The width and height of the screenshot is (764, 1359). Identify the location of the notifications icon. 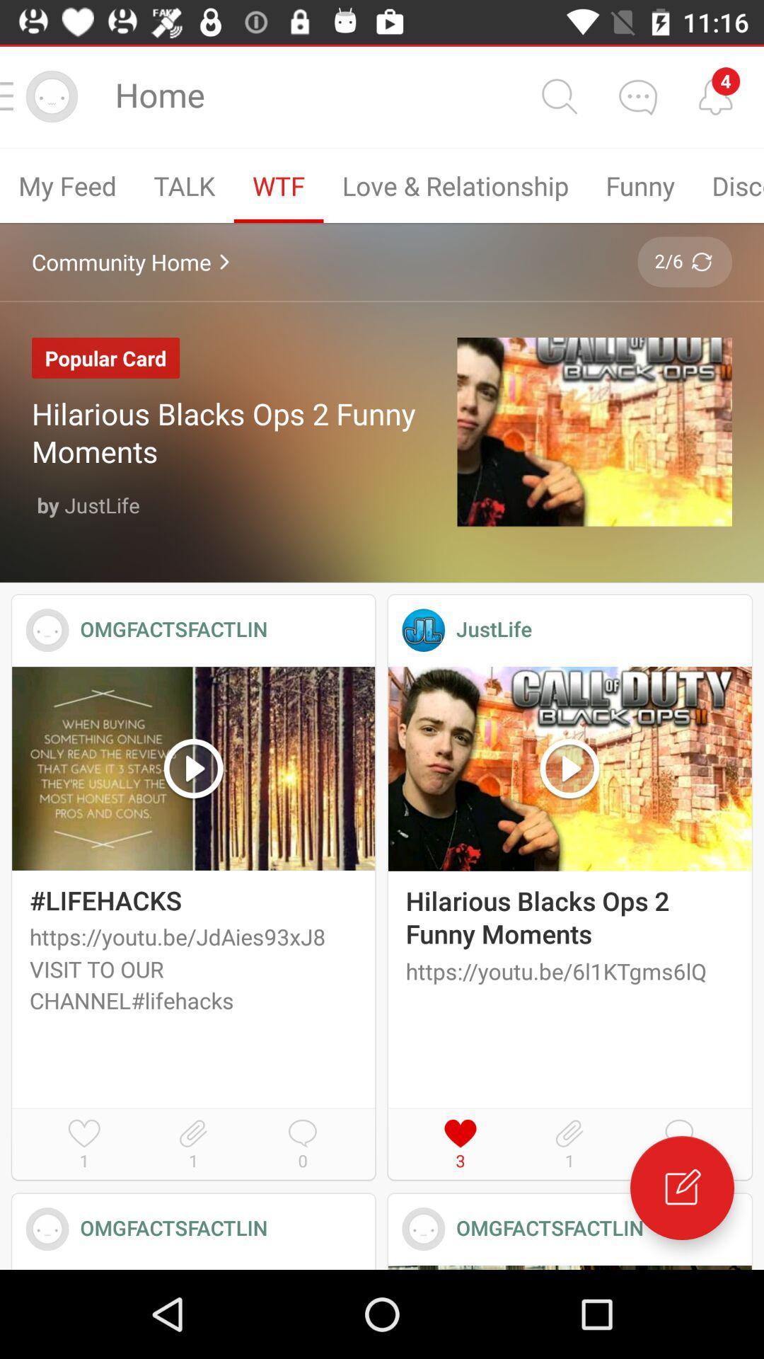
(715, 96).